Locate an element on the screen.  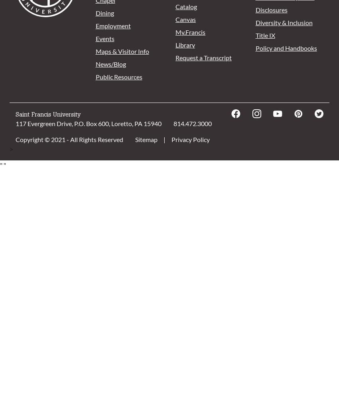
'Policy and Handbooks' is located at coordinates (285, 47).